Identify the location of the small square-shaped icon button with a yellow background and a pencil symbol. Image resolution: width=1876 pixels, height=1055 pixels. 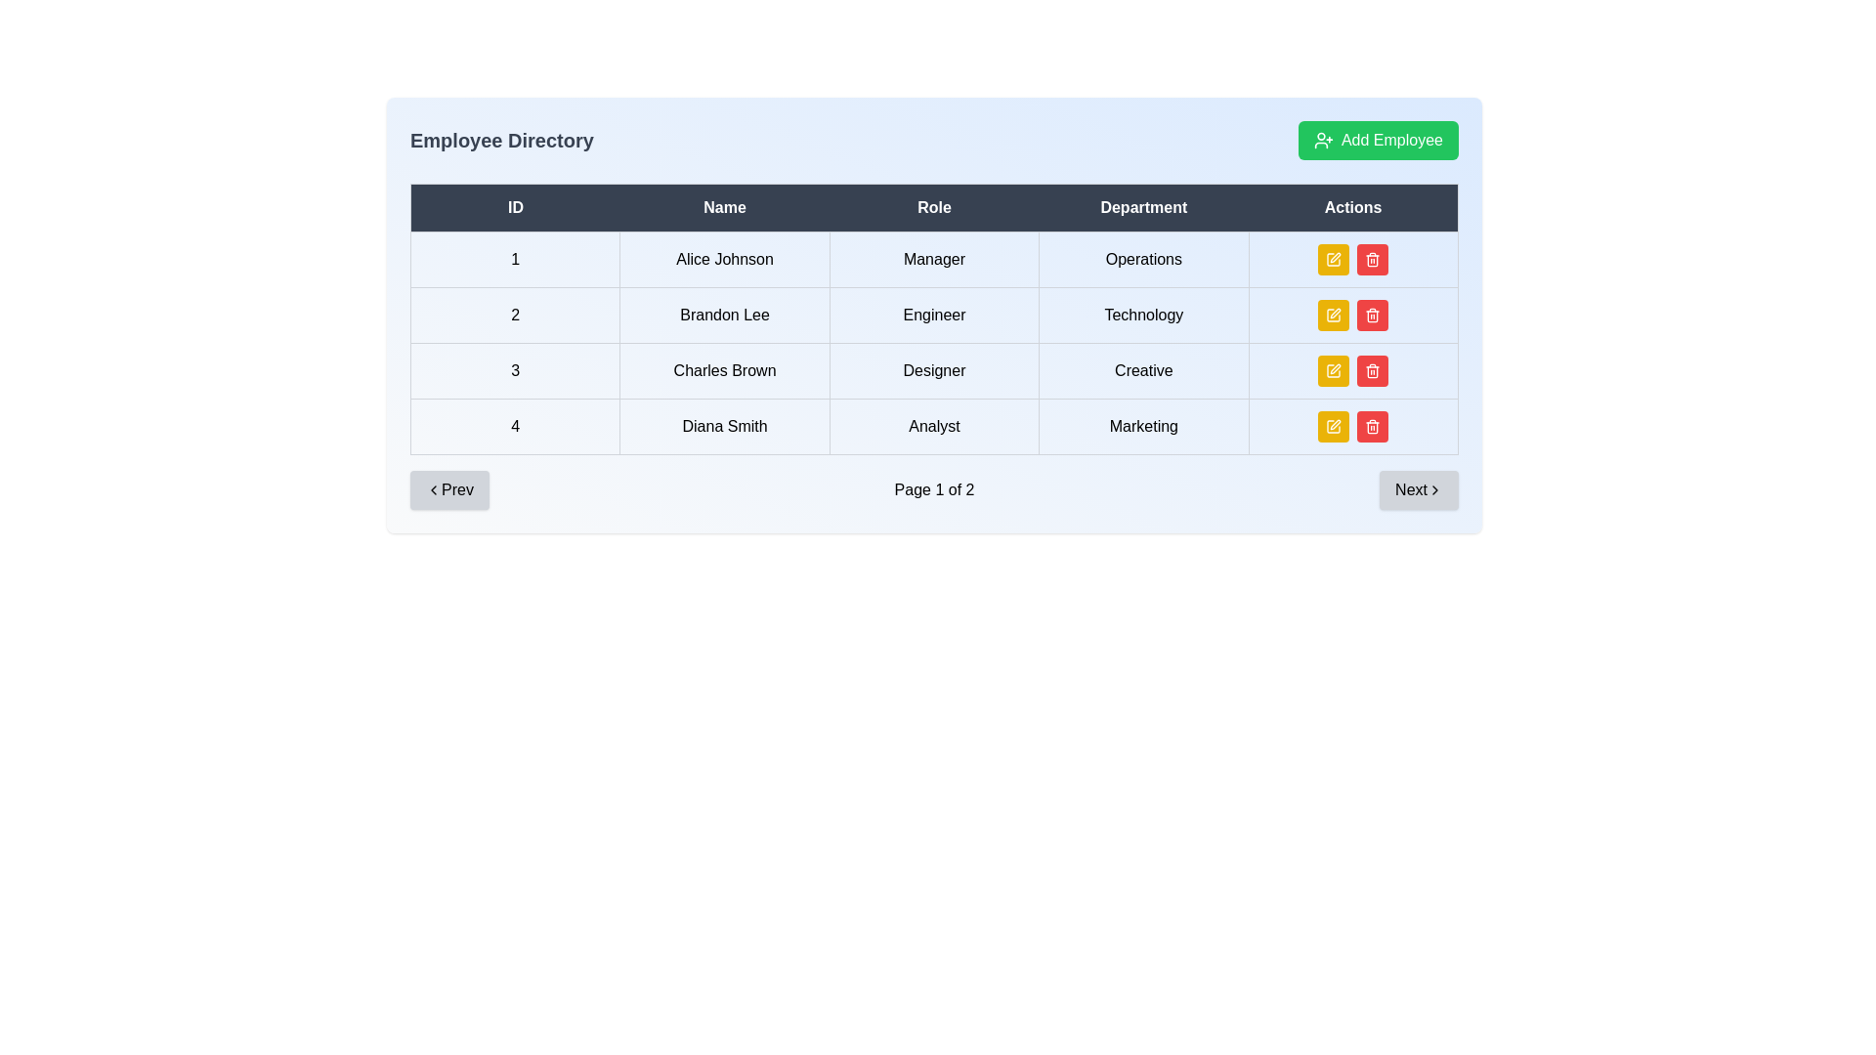
(1333, 371).